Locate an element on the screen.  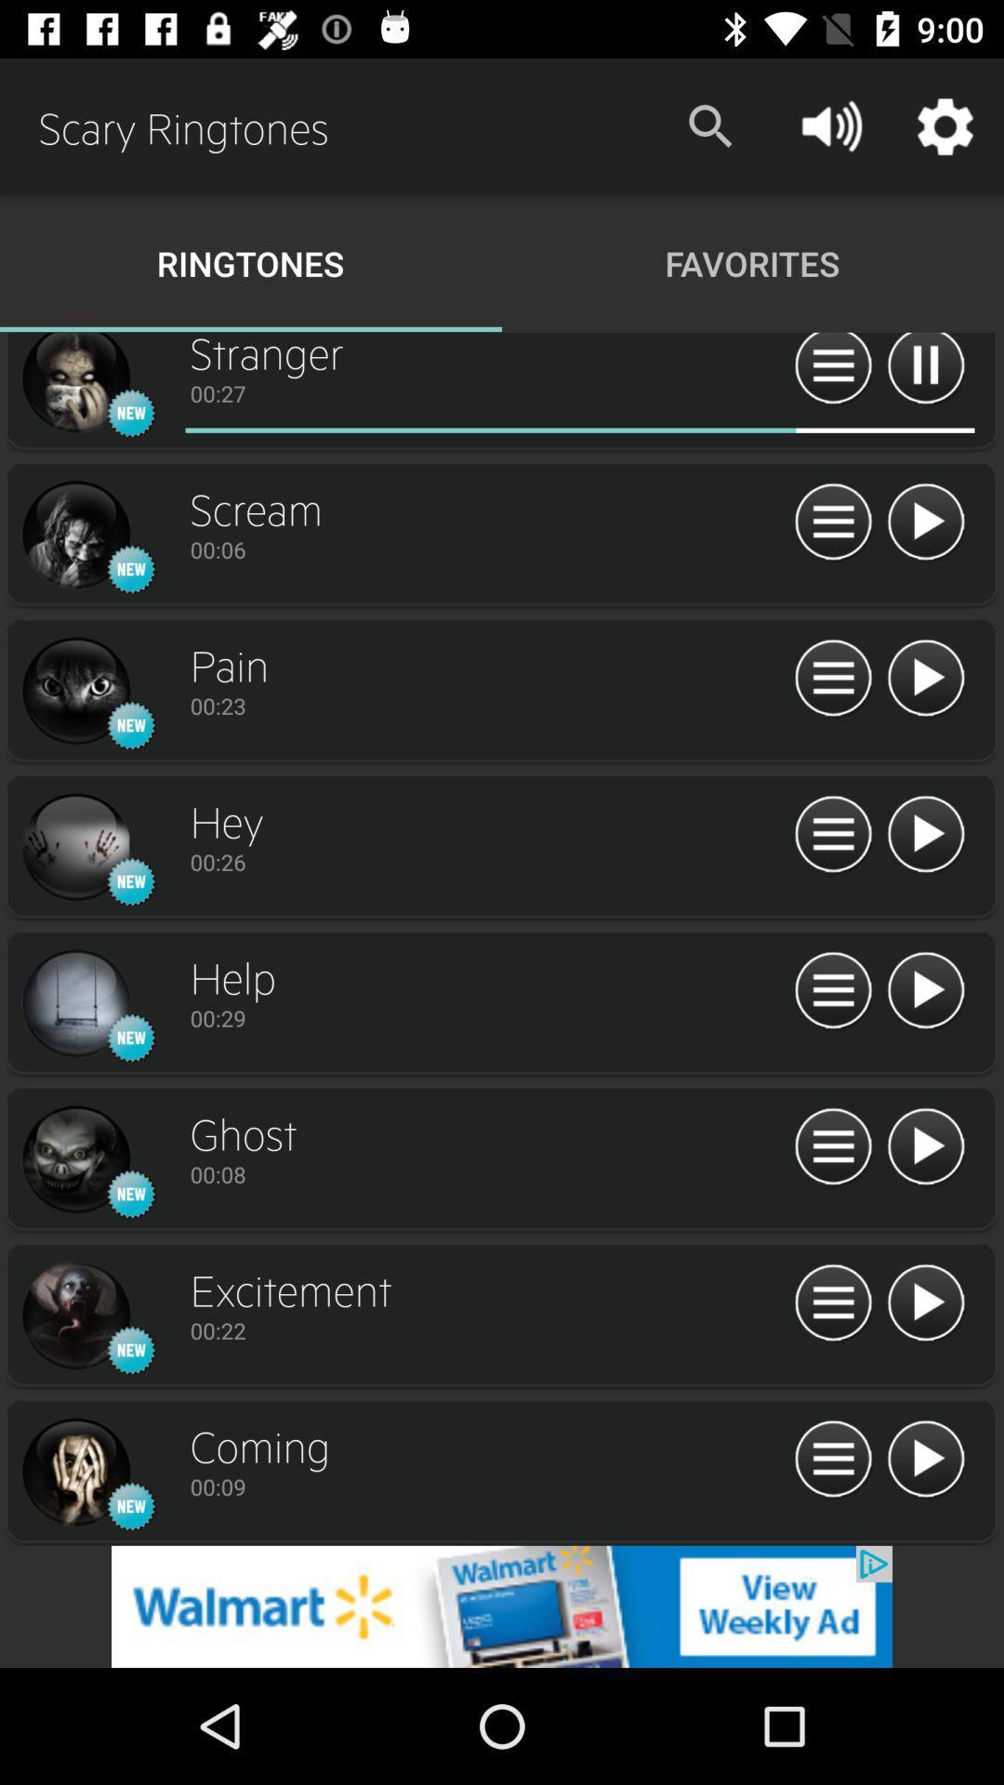
play is located at coordinates (925, 990).